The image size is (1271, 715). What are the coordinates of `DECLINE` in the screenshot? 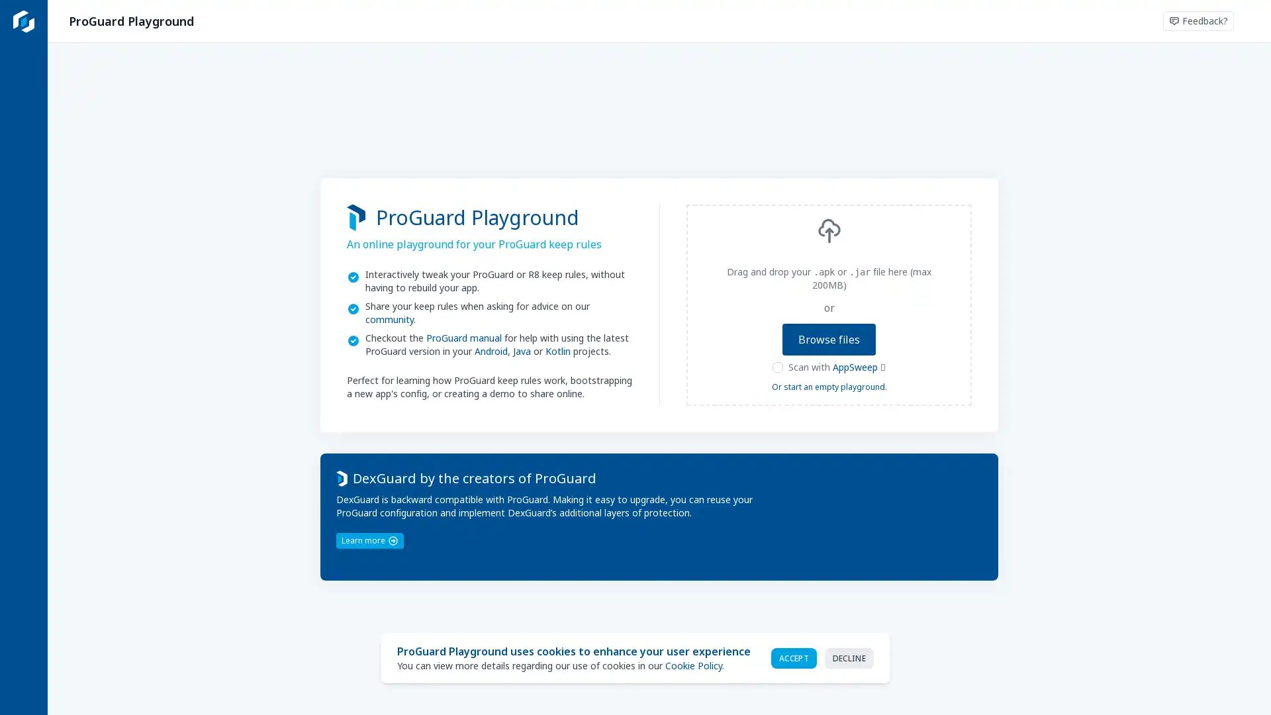 It's located at (849, 657).